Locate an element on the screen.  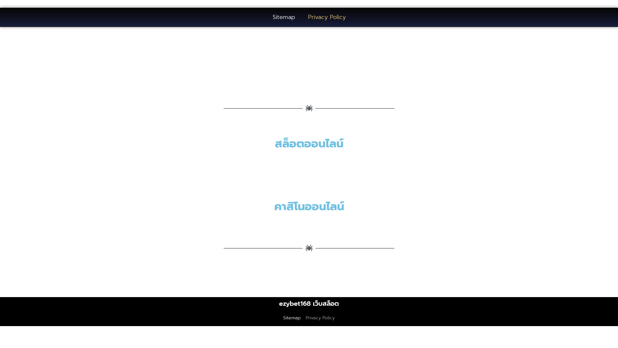
'Privacy Policy' is located at coordinates (326, 17).